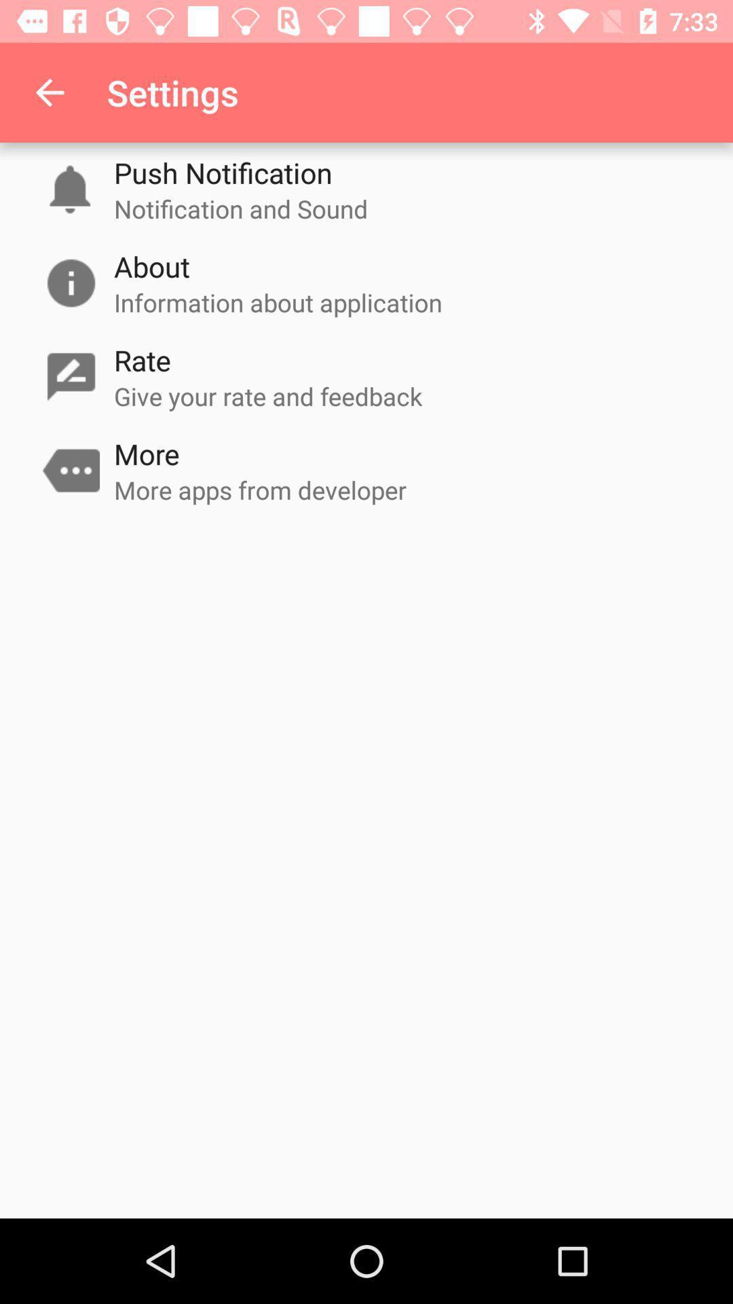 The image size is (733, 1304). What do you see at coordinates (268, 395) in the screenshot?
I see `item below rate icon` at bounding box center [268, 395].